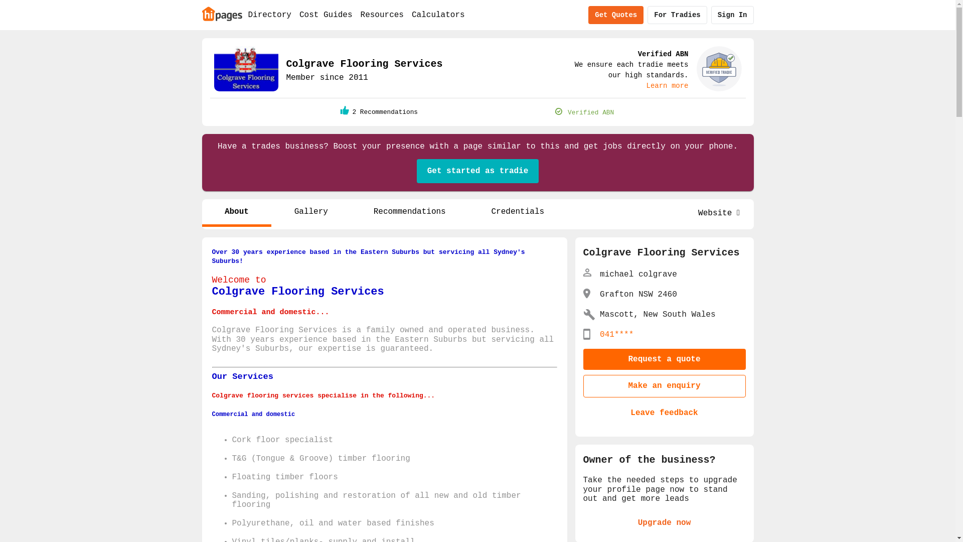  What do you see at coordinates (468, 212) in the screenshot?
I see `'Credentials'` at bounding box center [468, 212].